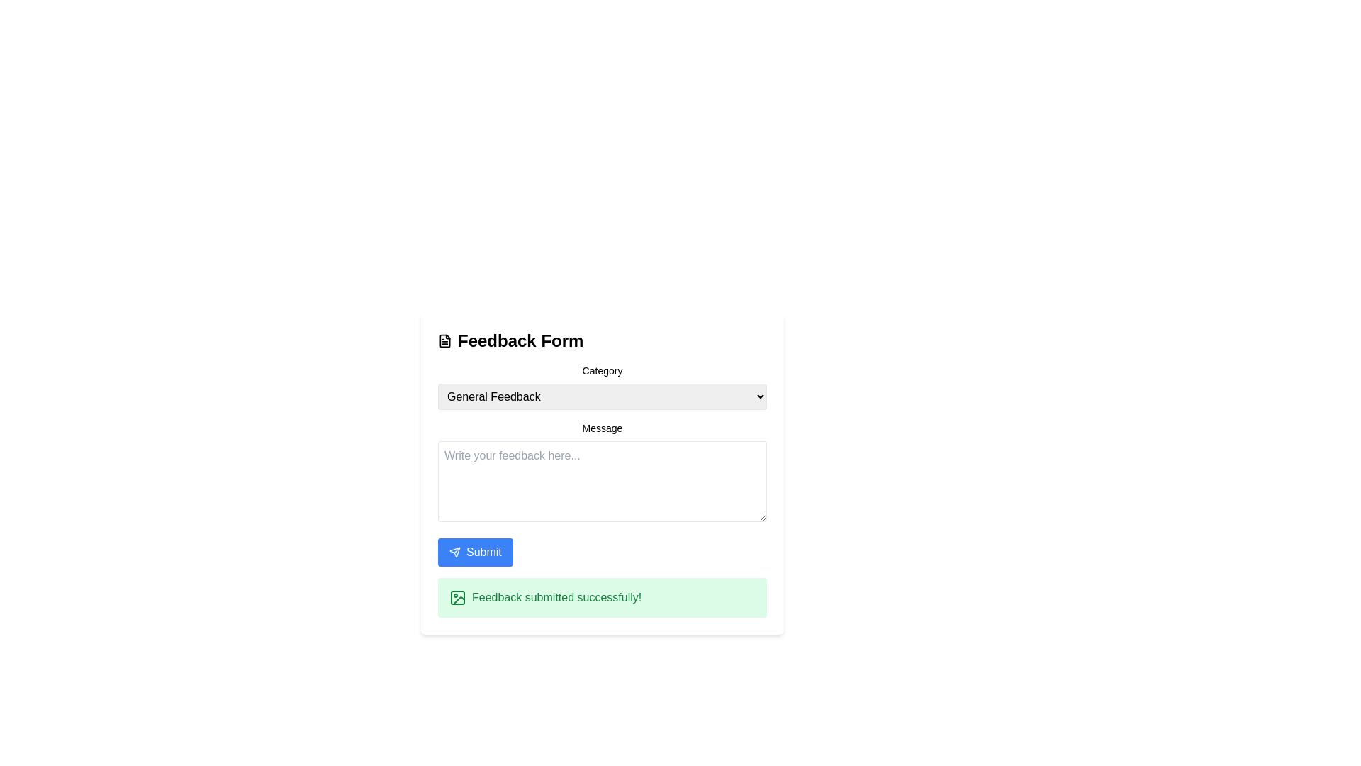 Image resolution: width=1361 pixels, height=766 pixels. Describe the element at coordinates (455, 552) in the screenshot. I see `the paper plane icon inside the blue 'Submit' button, which is located at the bottom-left of the 'Feedback Form' interface` at that location.